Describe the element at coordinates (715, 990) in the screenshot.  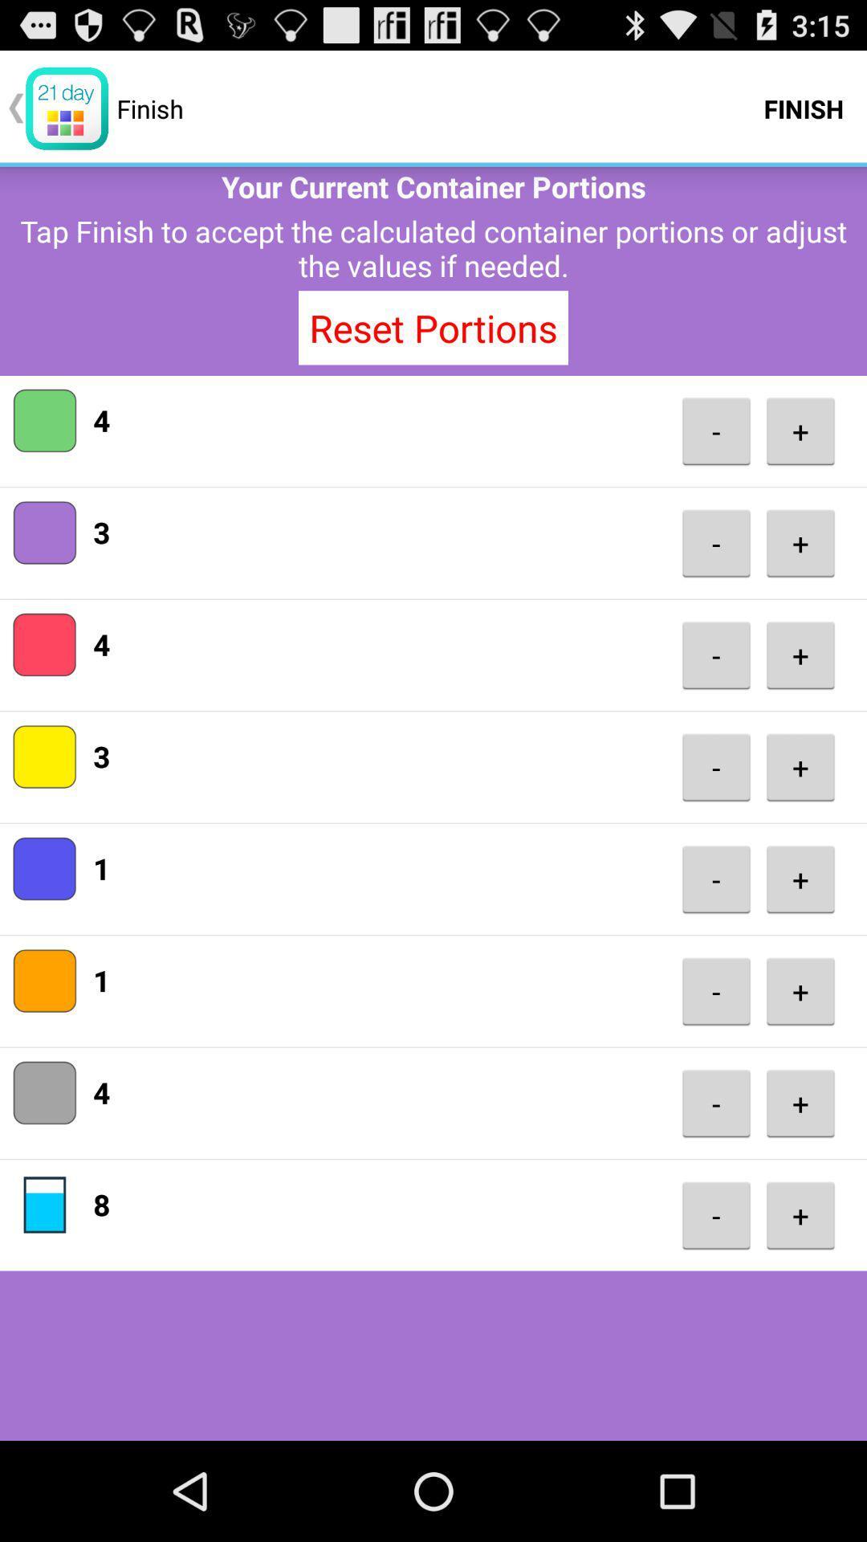
I see `icon below -` at that location.